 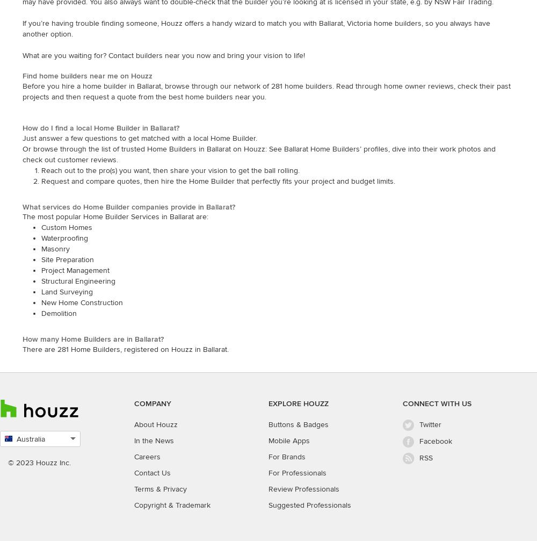 I want to click on 'Request and compare quotes, then hire the Home Builder that perfectly fits your project and budget limits.', so click(x=41, y=181).